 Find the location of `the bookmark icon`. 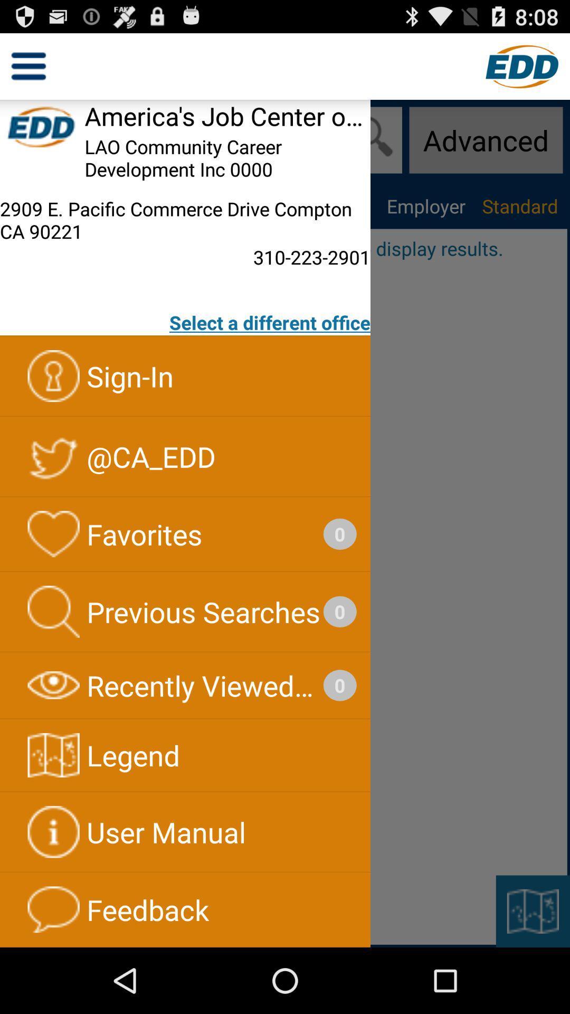

the bookmark icon is located at coordinates (533, 975).